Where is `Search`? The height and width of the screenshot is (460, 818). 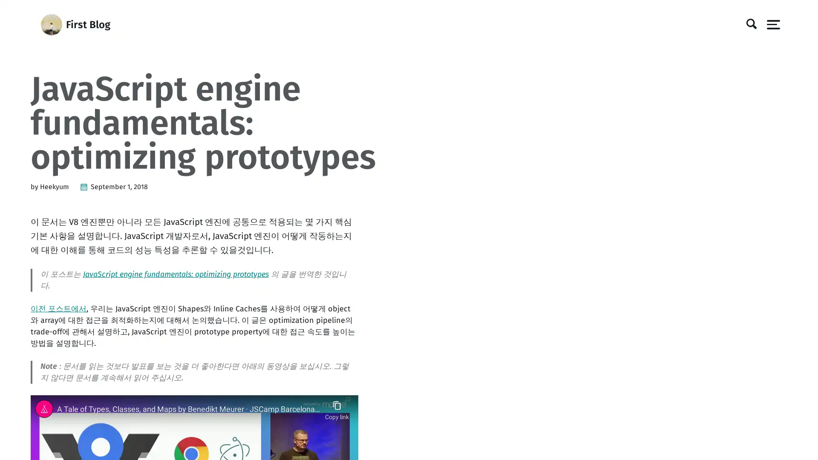 Search is located at coordinates (748, 24).